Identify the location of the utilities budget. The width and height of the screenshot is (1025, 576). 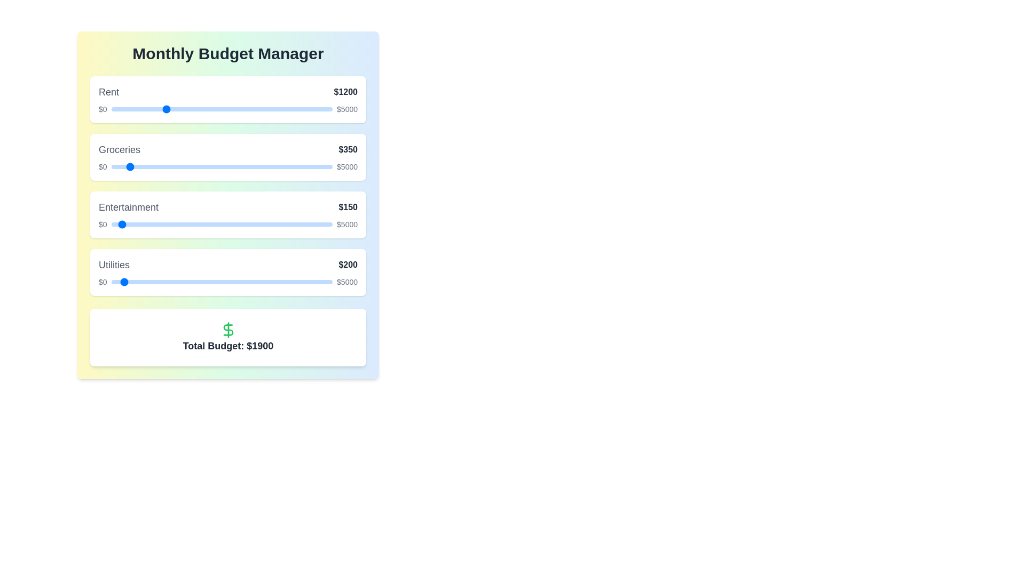
(230, 281).